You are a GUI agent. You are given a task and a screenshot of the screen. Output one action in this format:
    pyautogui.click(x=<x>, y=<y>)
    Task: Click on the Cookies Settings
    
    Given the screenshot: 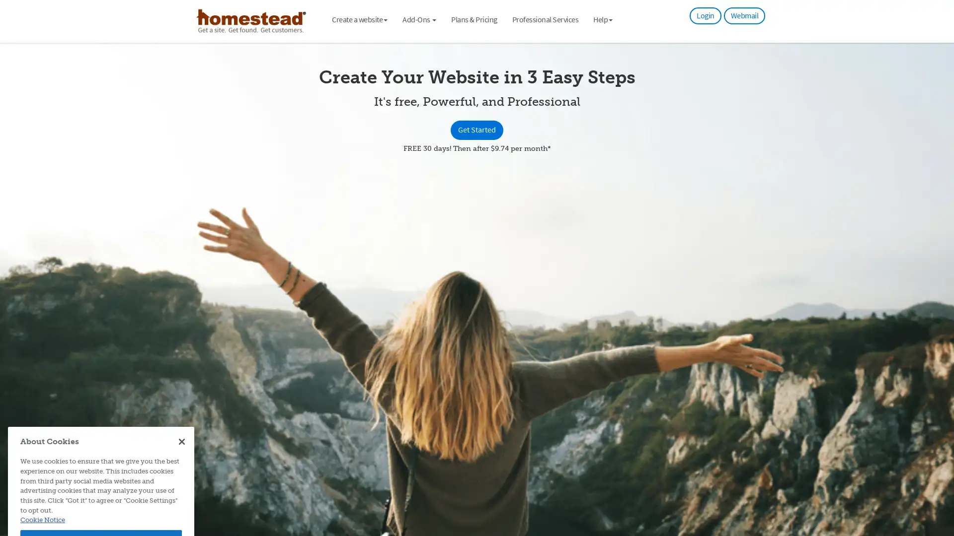 What is the action you would take?
    pyautogui.click(x=101, y=502)
    